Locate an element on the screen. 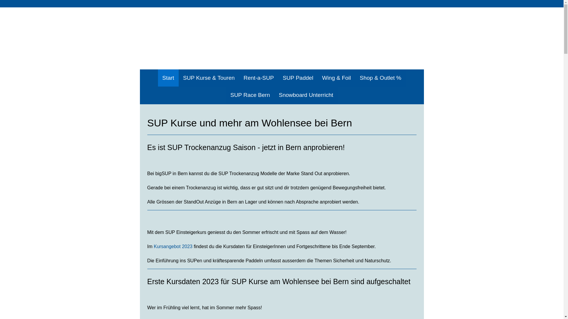  'Rent-a-SUP' is located at coordinates (258, 78).